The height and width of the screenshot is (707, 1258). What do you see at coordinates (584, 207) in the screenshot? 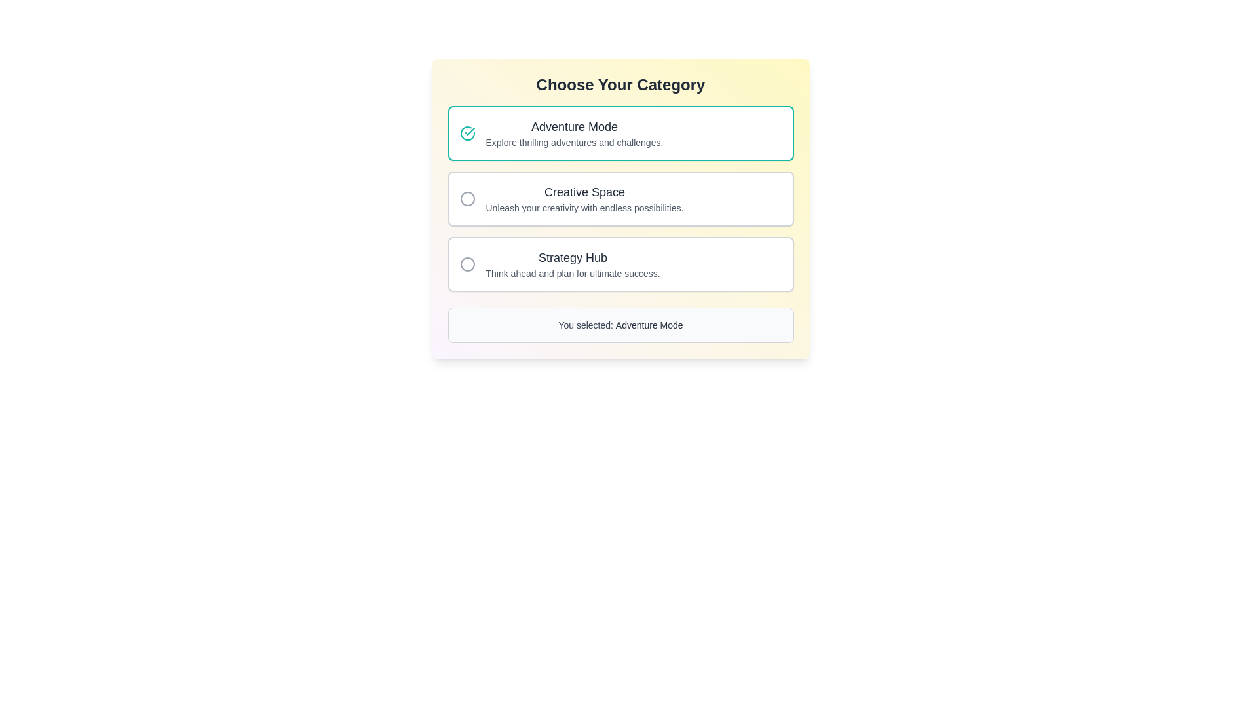
I see `the descriptive text that reads 'Unleash your creativity with endless possibilities,' which is located below the header 'Creative Space.'` at bounding box center [584, 207].